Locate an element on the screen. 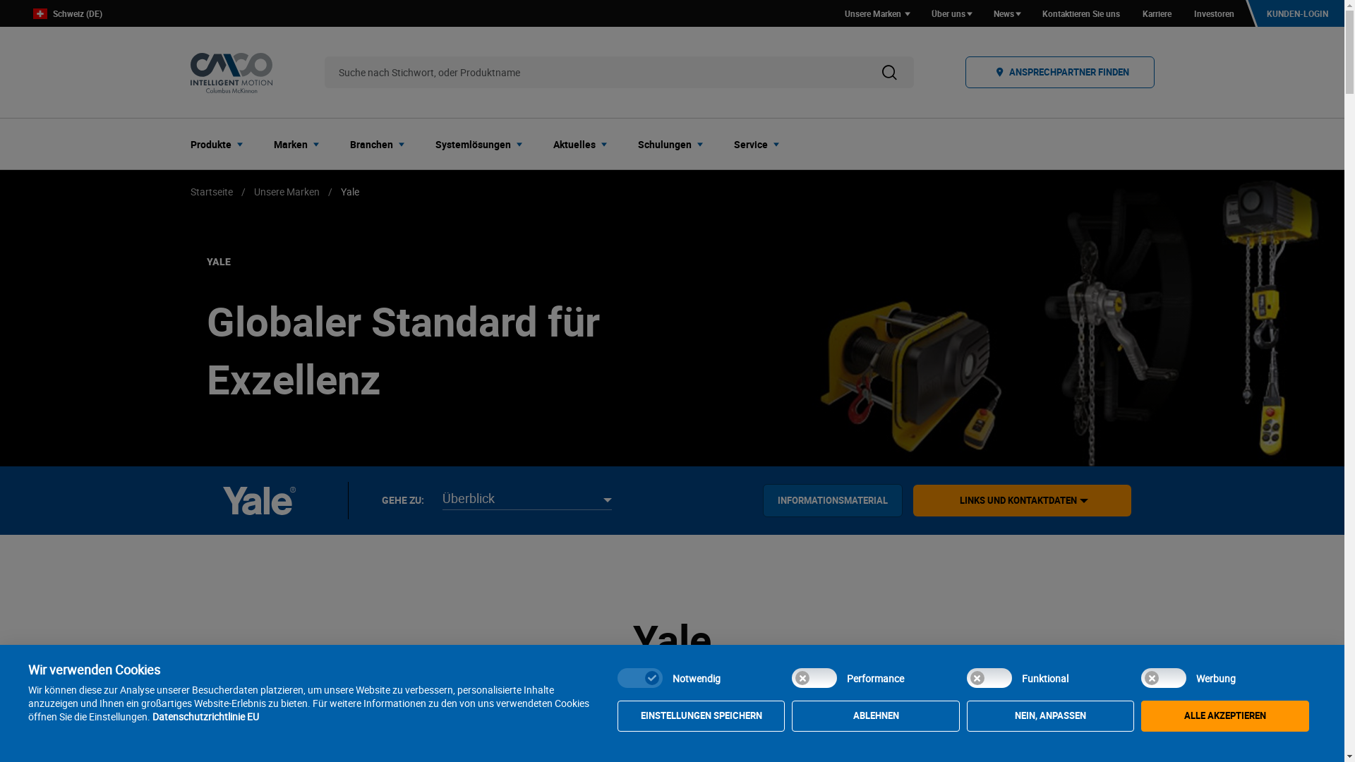 The image size is (1355, 762). 'LINKS UND KONTAKTDATEN' is located at coordinates (959, 500).